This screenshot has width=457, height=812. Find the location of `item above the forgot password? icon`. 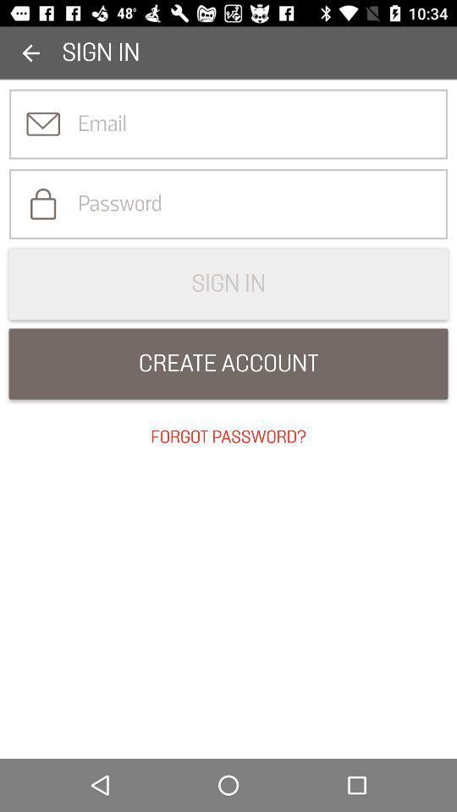

item above the forgot password? icon is located at coordinates (228, 364).